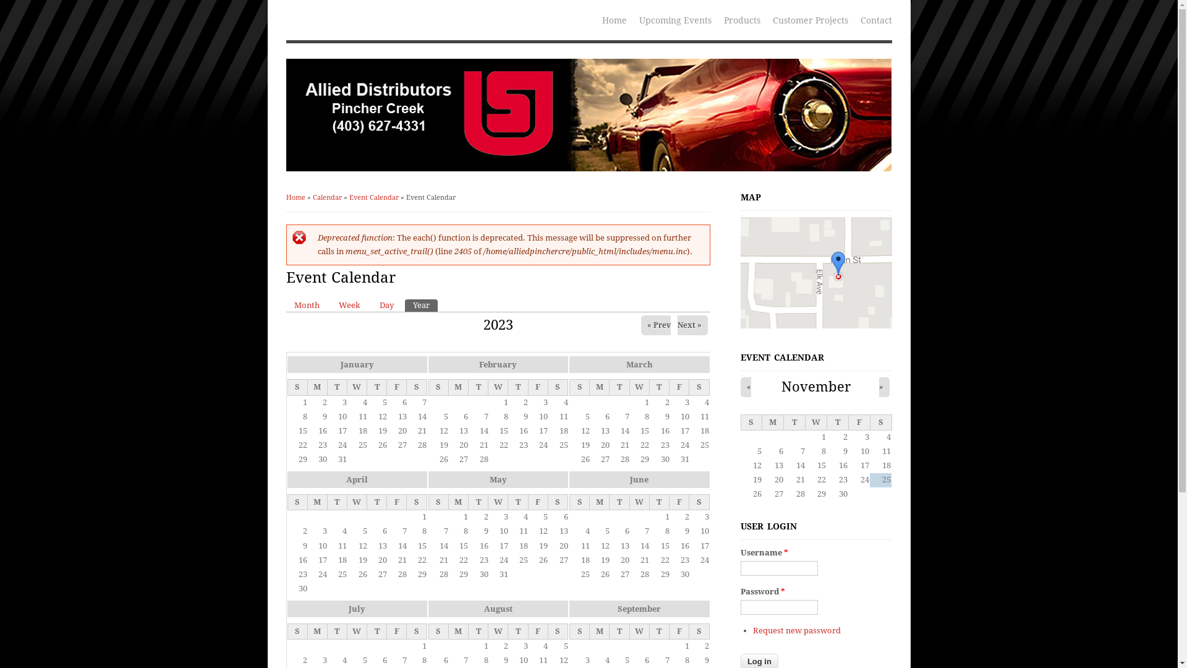 Image resolution: width=1187 pixels, height=668 pixels. What do you see at coordinates (816, 385) in the screenshot?
I see `'November'` at bounding box center [816, 385].